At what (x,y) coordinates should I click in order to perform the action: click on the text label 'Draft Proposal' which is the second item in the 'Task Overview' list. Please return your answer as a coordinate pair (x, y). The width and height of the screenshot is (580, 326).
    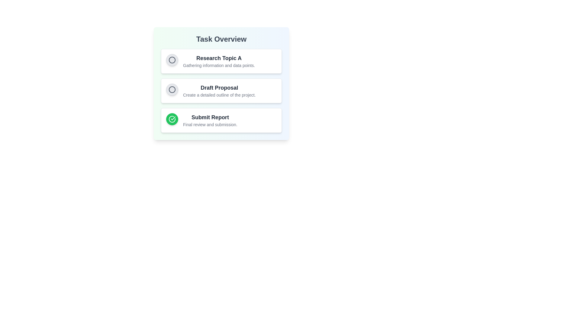
    Looking at the image, I should click on (219, 88).